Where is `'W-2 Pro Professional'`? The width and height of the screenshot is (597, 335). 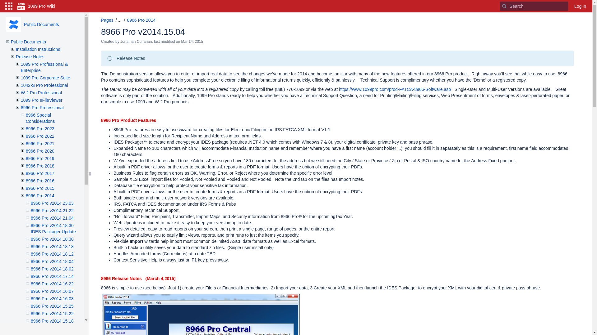
'W-2 Pro Professional' is located at coordinates (41, 93).